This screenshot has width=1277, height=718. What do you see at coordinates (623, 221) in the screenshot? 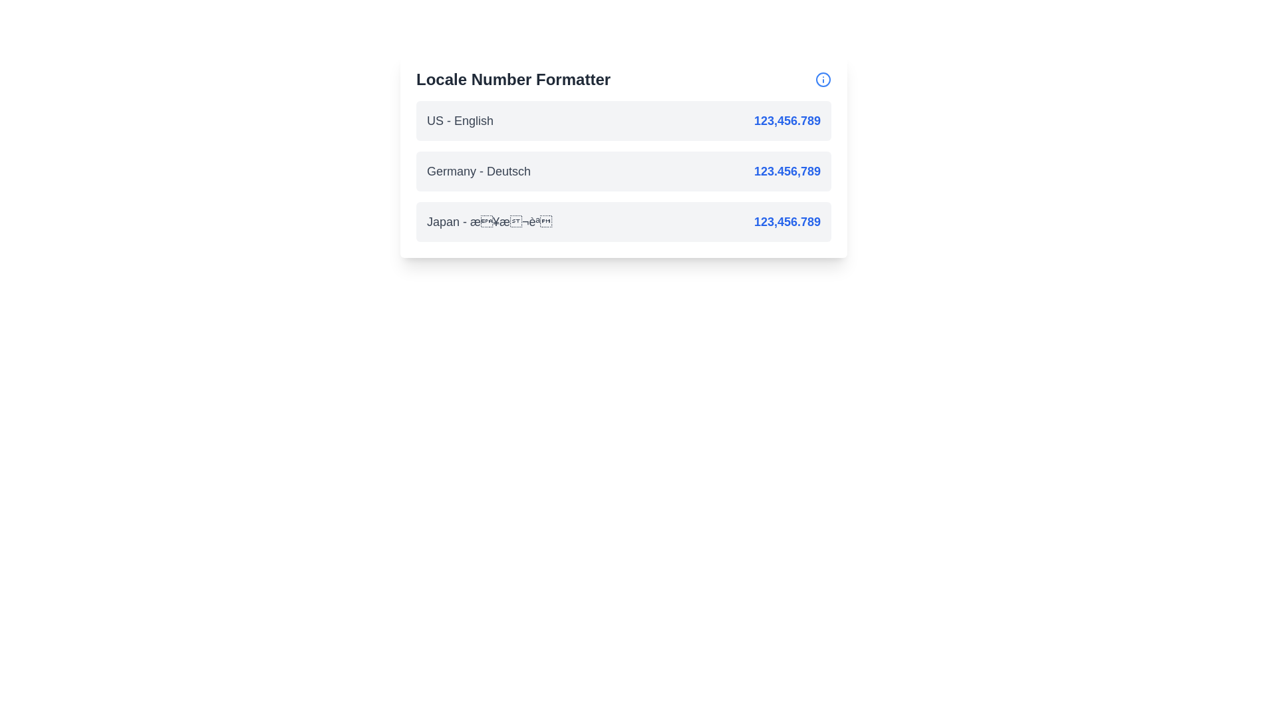
I see `the third item in the Locale Number Formatter list, which displays 'Japan - 日本語' on the left and '123,456.789' on the right` at bounding box center [623, 221].